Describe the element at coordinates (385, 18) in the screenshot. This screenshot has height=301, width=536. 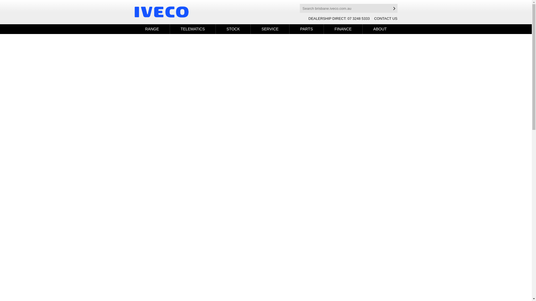
I see `'CONTACT US'` at that location.